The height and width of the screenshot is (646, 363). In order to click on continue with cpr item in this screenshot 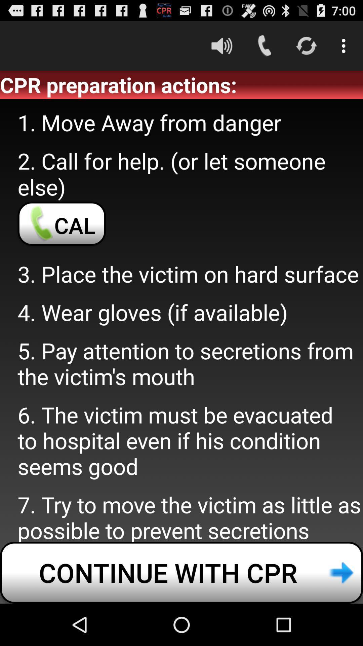, I will do `click(182, 572)`.